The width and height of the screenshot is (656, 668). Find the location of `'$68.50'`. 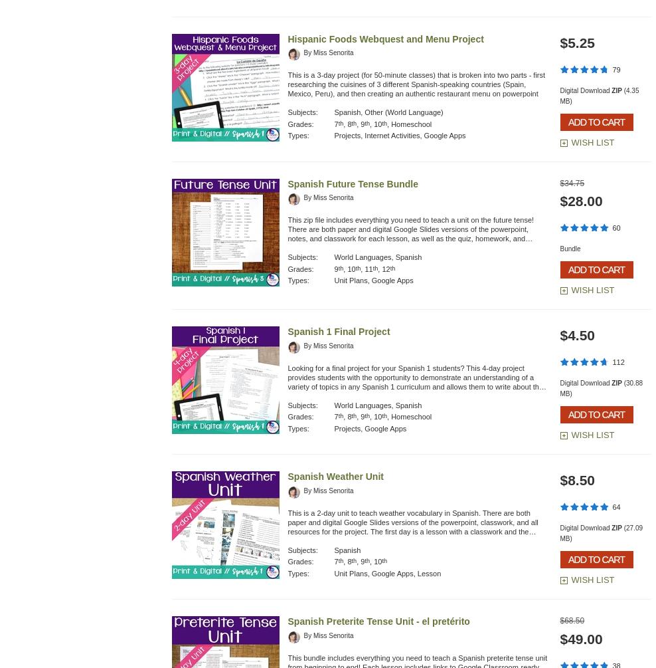

'$68.50' is located at coordinates (572, 620).